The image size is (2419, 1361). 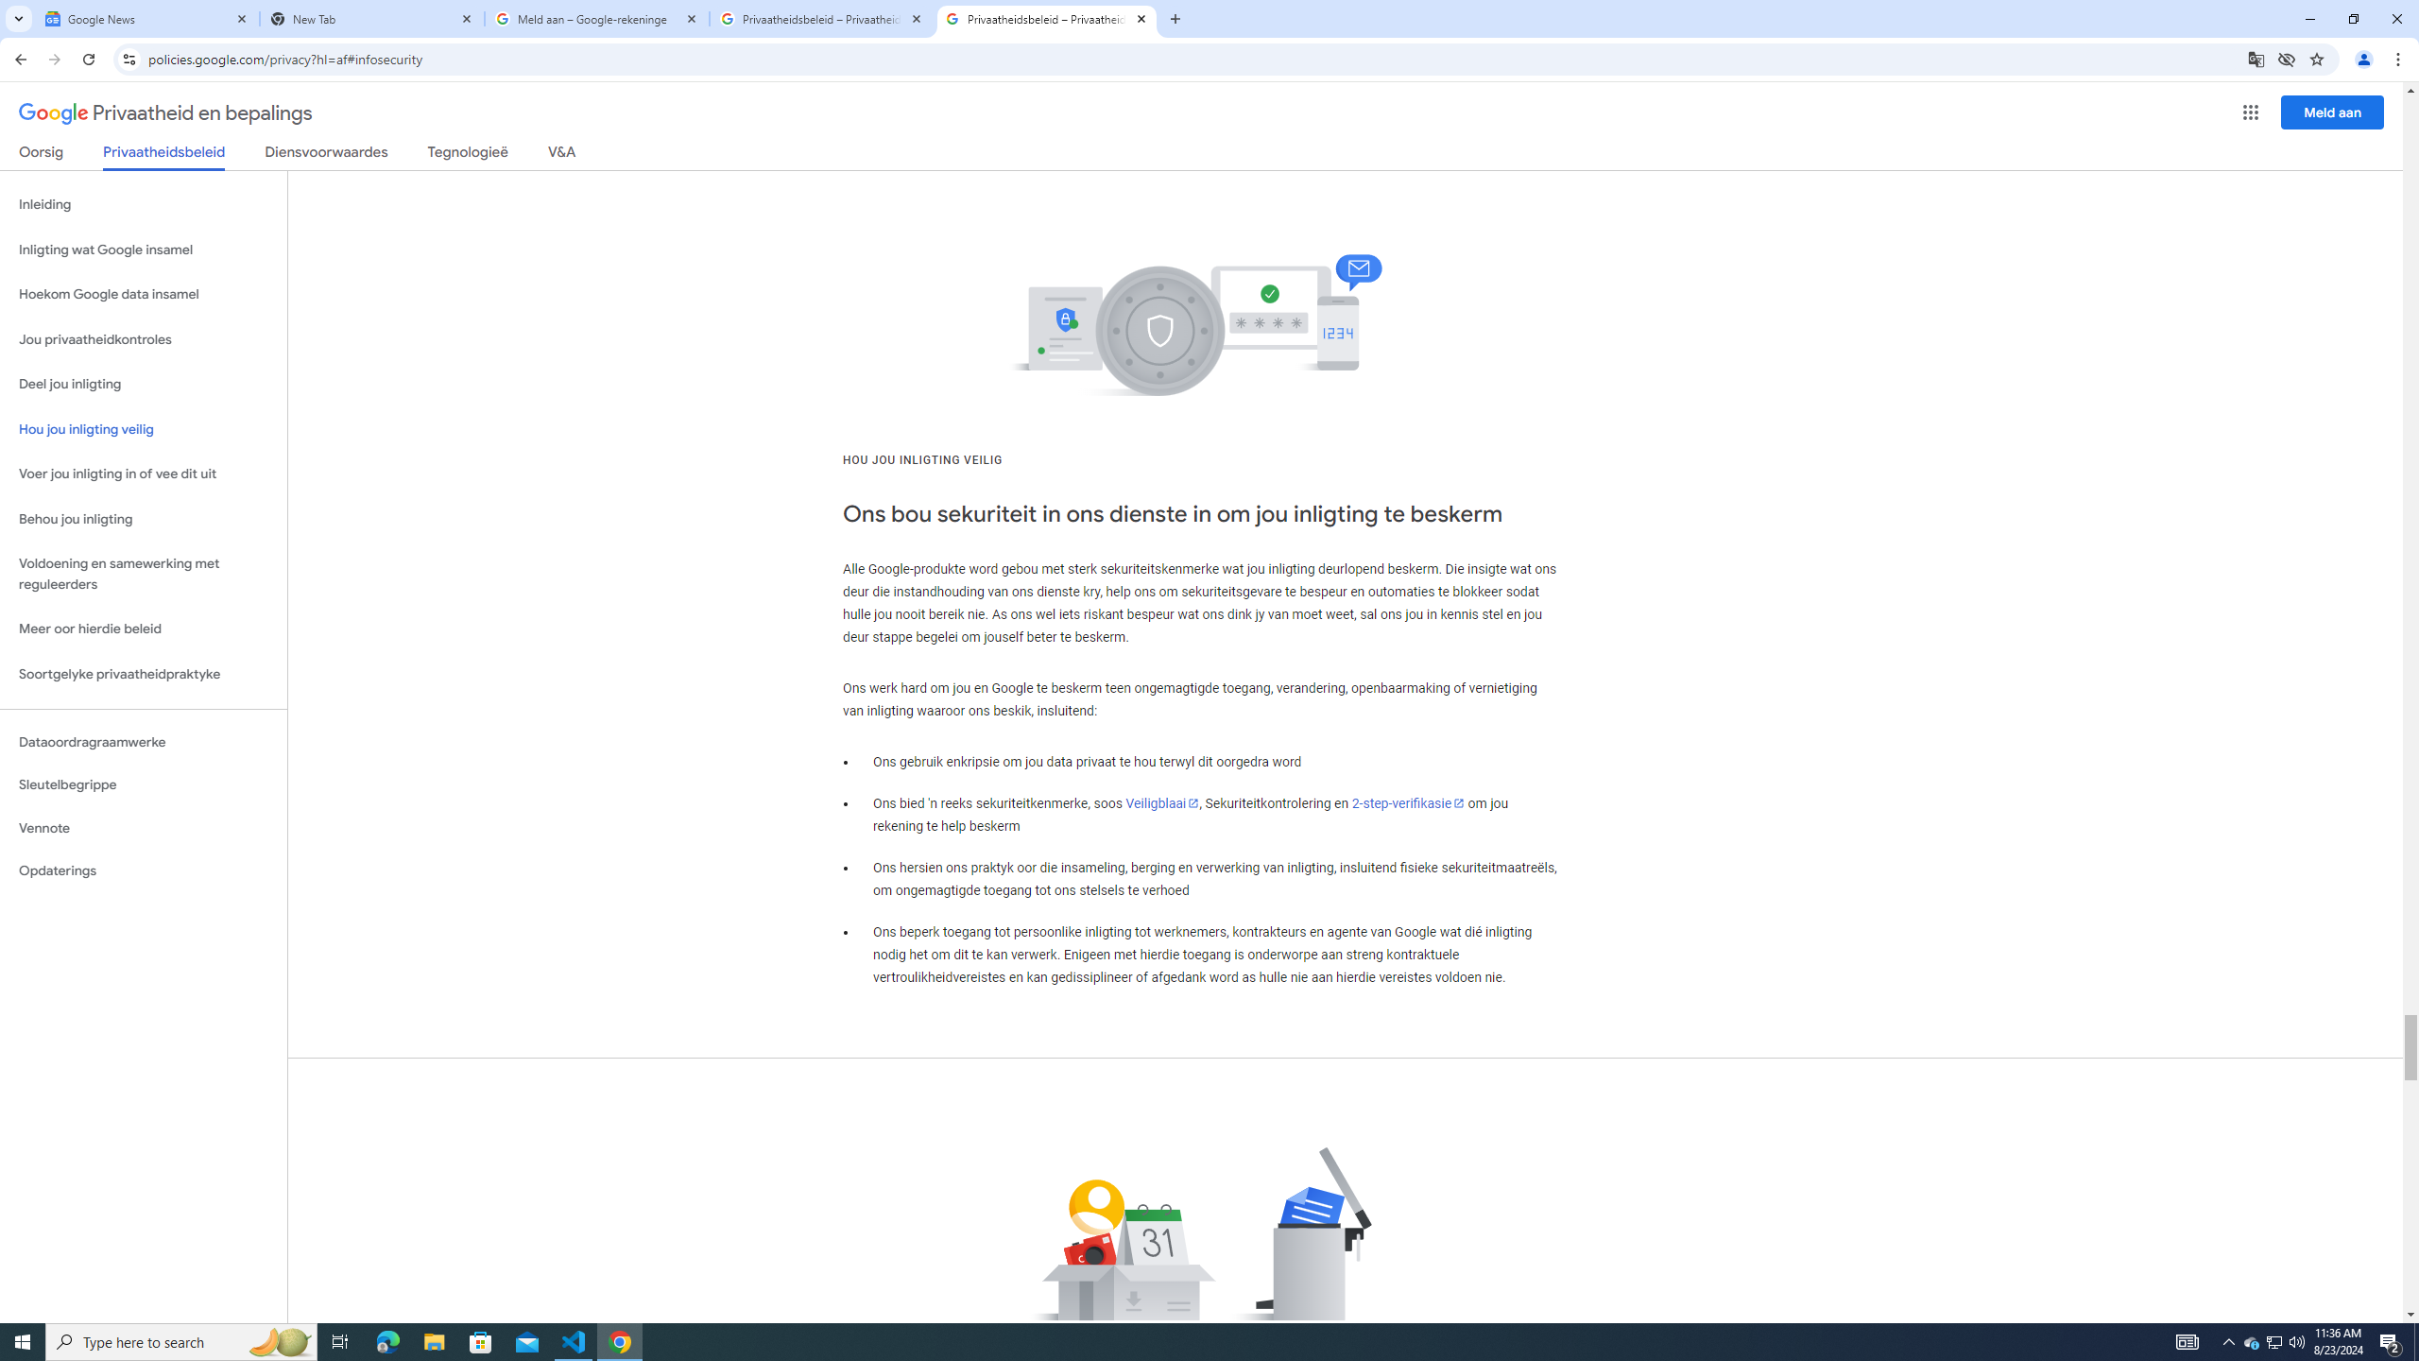 What do you see at coordinates (143, 519) in the screenshot?
I see `'Behou jou inligting'` at bounding box center [143, 519].